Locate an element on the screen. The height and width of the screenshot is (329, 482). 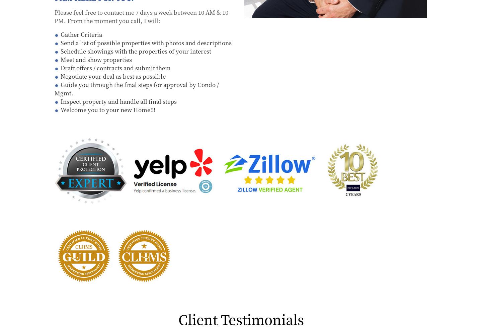
'Send a list of possible properties with photos and descriptions' is located at coordinates (61, 42).